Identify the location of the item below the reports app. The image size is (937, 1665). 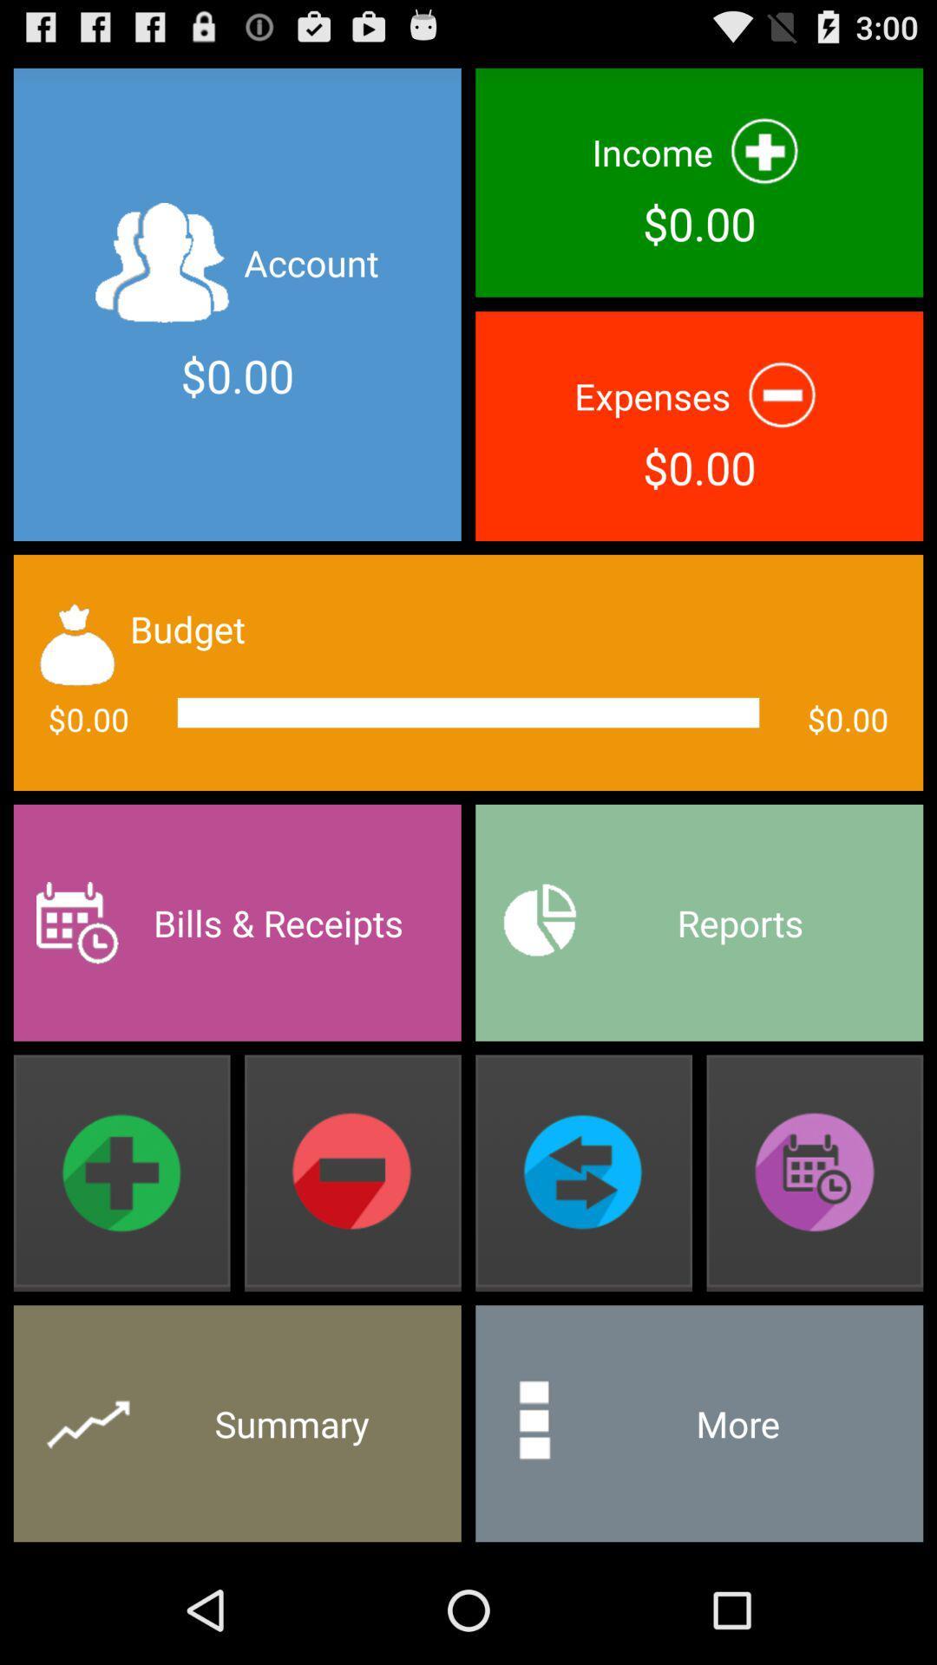
(815, 1173).